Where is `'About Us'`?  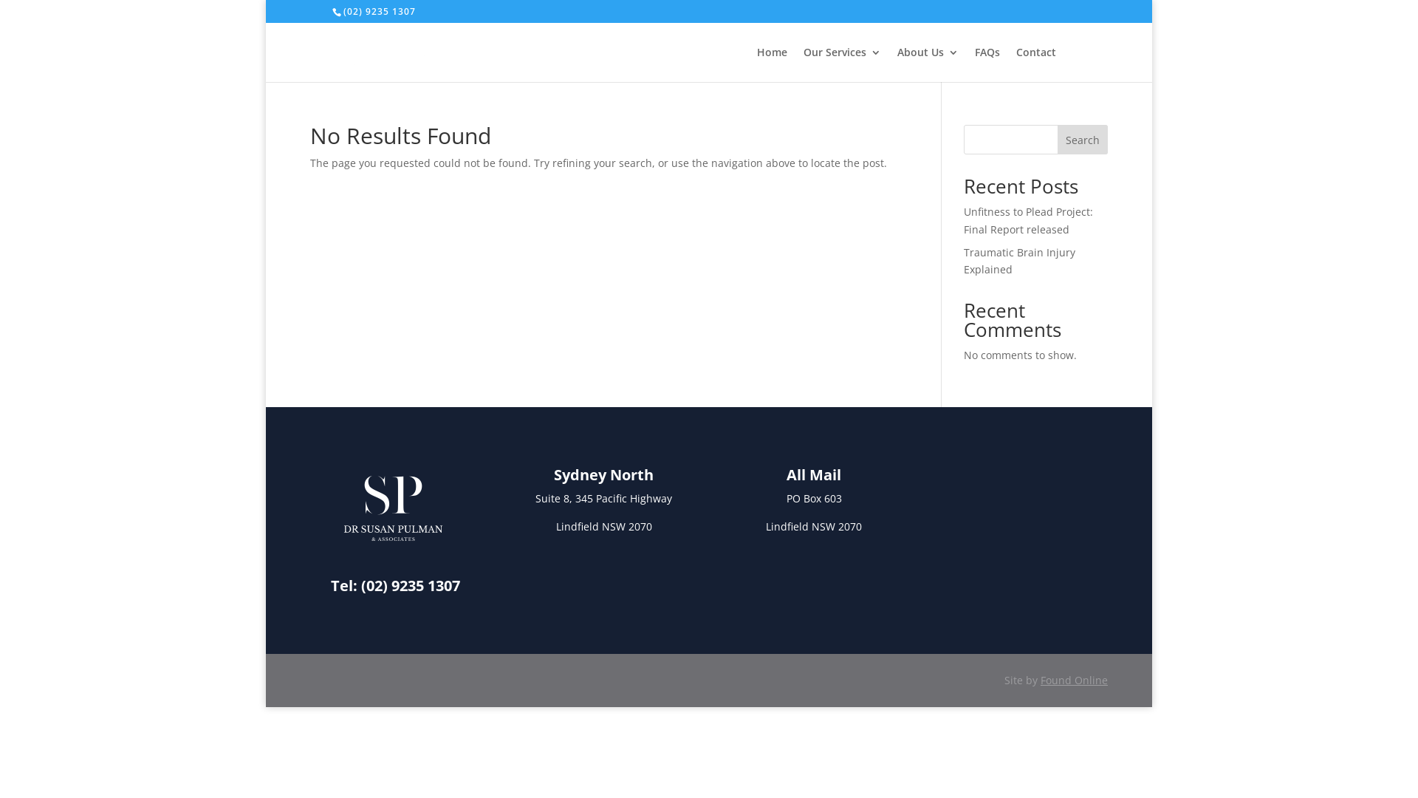 'About Us' is located at coordinates (927, 64).